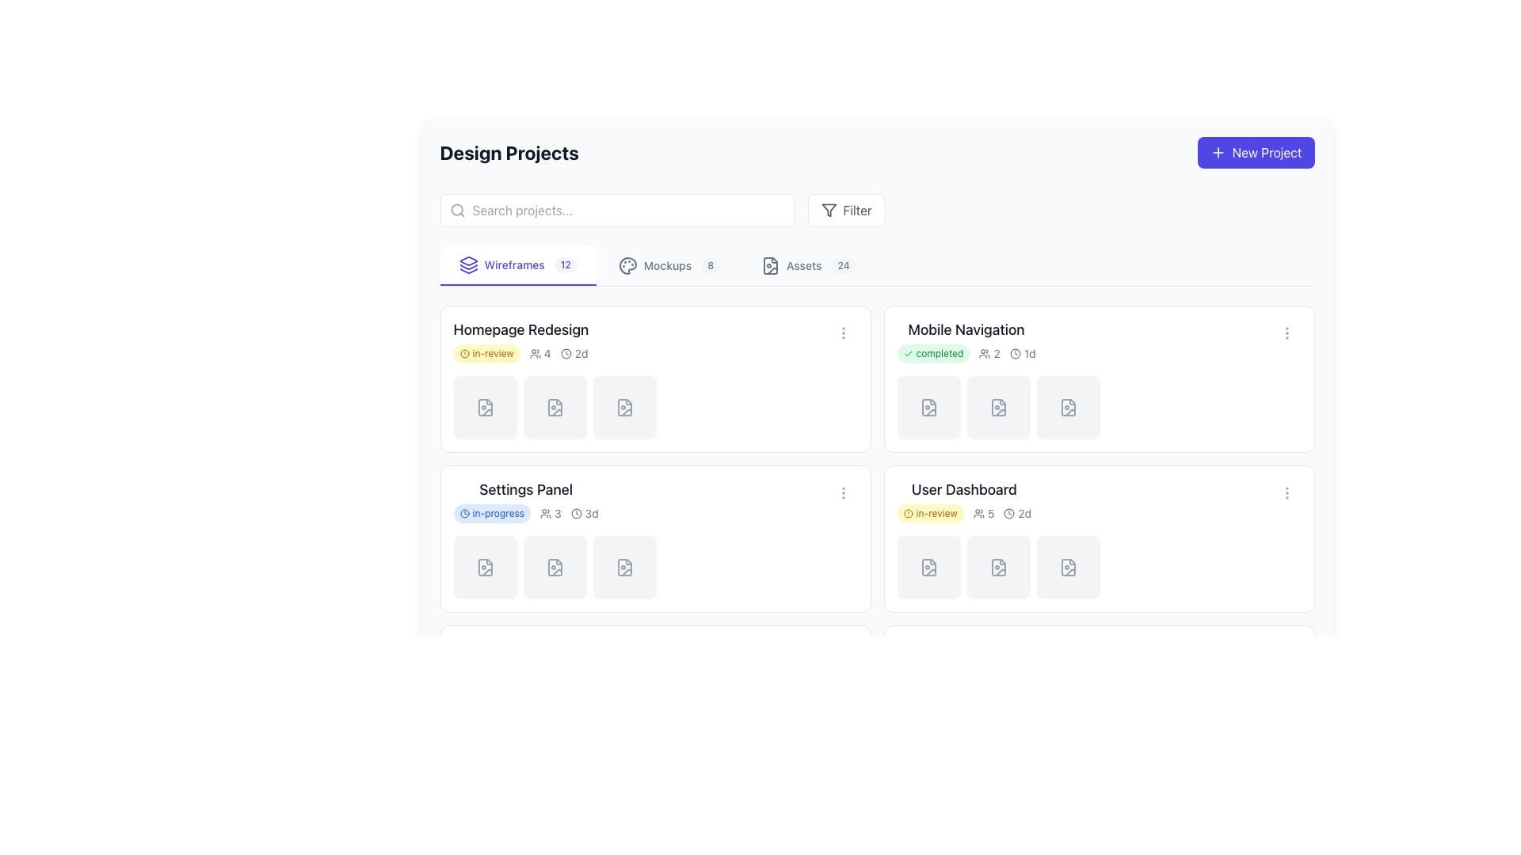 The image size is (1521, 855). I want to click on the icon representing multiple users associated with the 'User Dashboard' project, located near the bottom-right corner of the interface, so click(978, 513).